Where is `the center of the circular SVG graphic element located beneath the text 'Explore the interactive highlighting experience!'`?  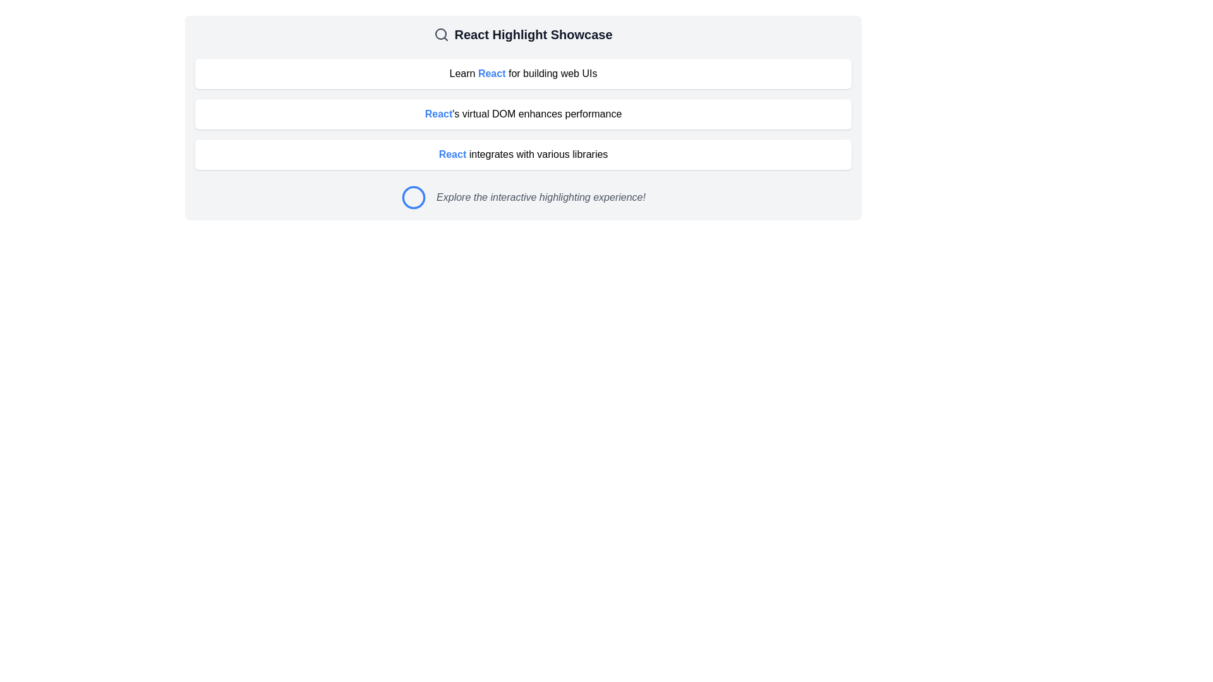 the center of the circular SVG graphic element located beneath the text 'Explore the interactive highlighting experience!' is located at coordinates (414, 197).